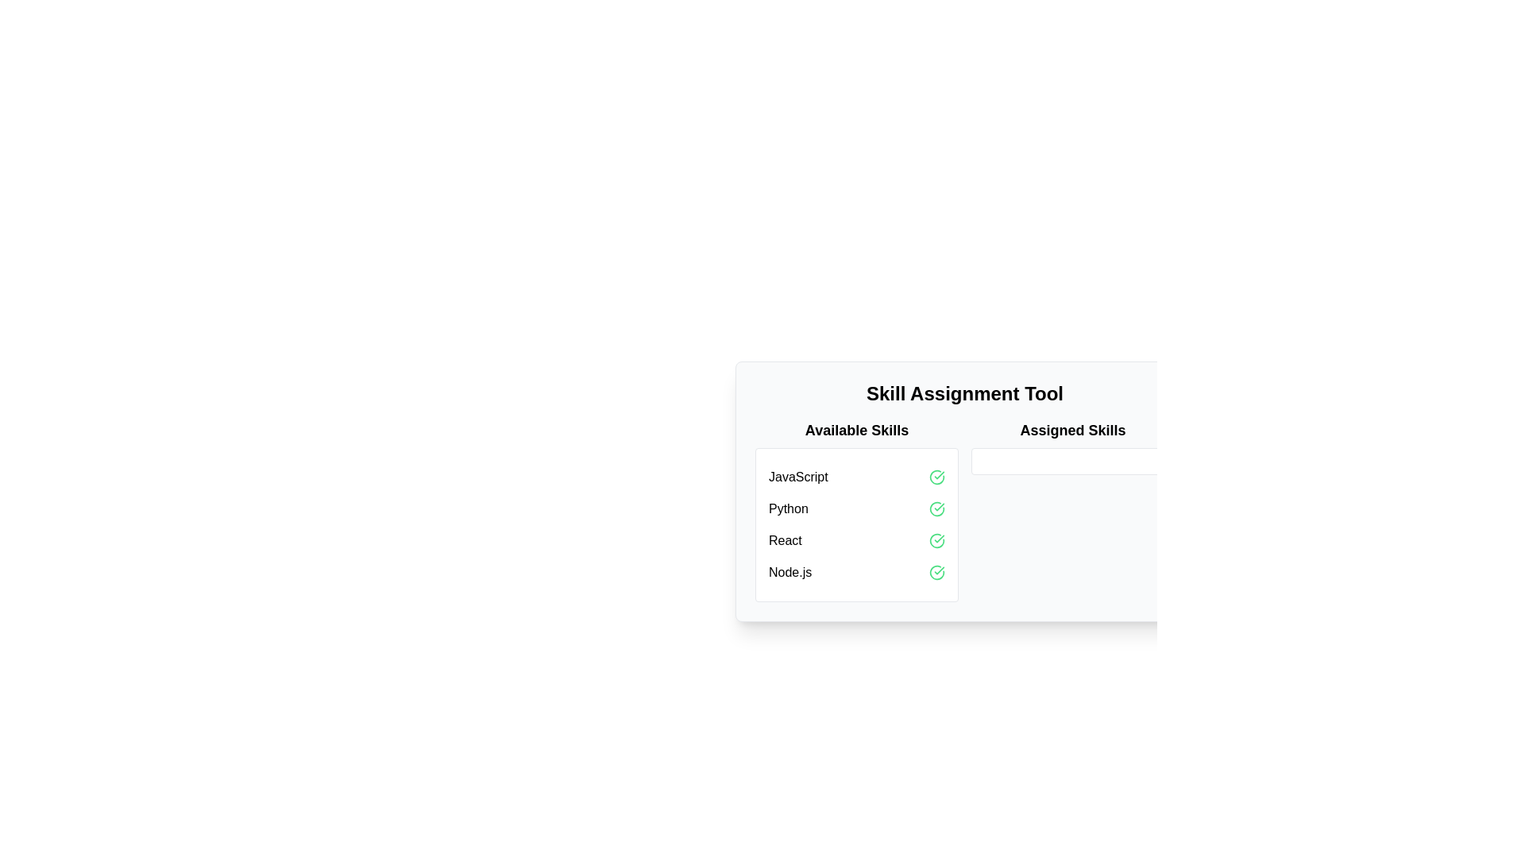 The width and height of the screenshot is (1525, 858). I want to click on the 'Node.js' text label, which is the fourth item, so click(790, 573).